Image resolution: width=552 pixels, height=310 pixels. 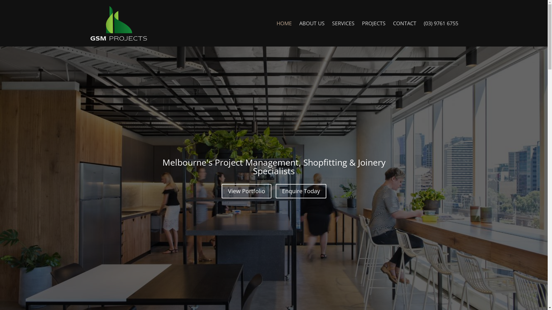 I want to click on 'View Portfolio', so click(x=246, y=191).